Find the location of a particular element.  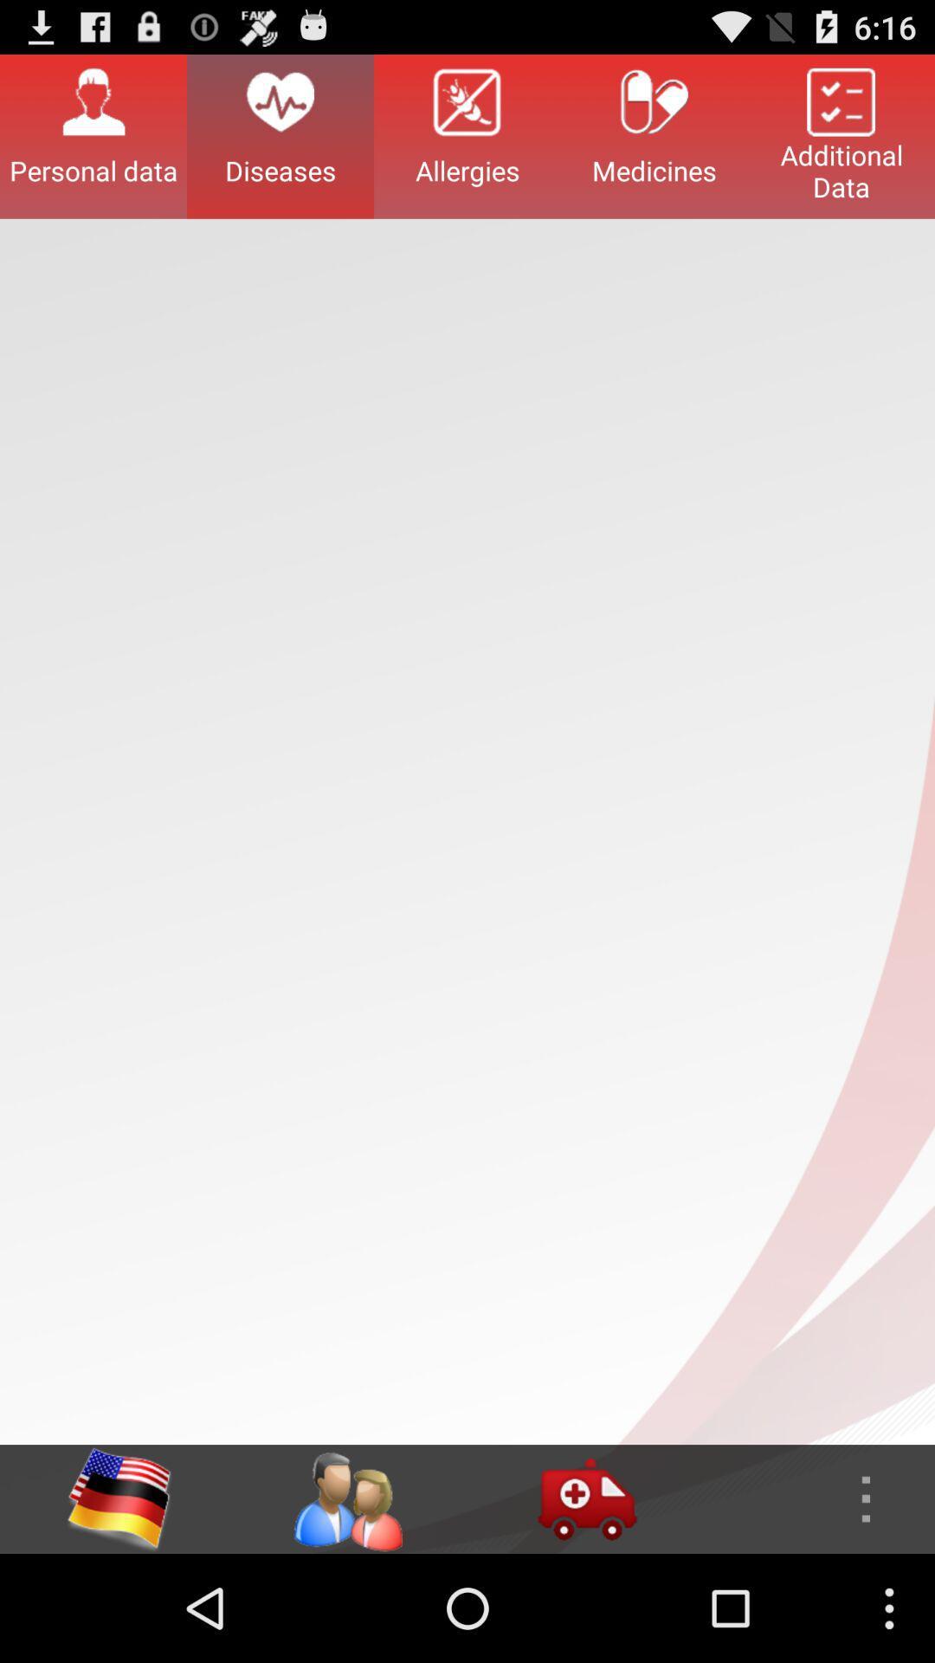

open menu is located at coordinates (815, 1498).